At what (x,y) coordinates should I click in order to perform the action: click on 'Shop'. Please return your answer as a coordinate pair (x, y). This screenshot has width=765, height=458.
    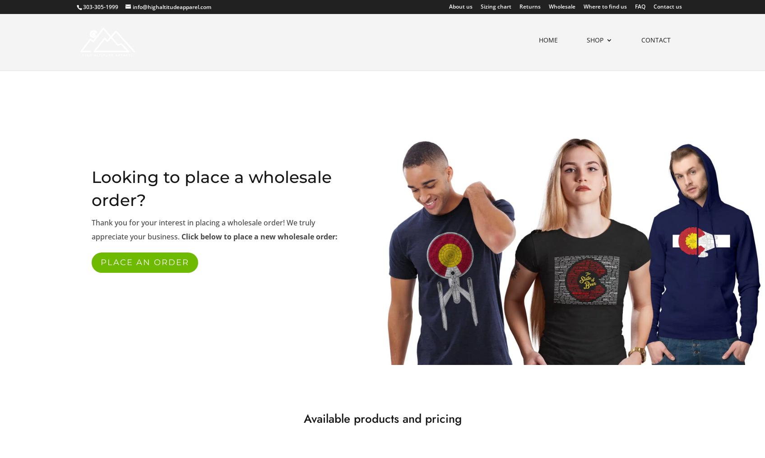
    Looking at the image, I should click on (594, 44).